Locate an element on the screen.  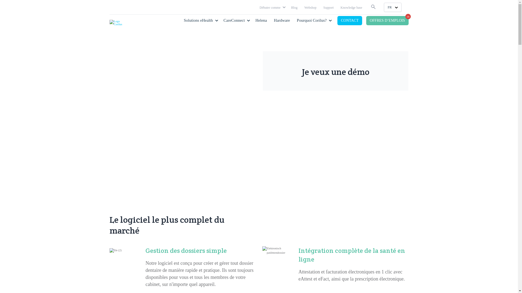
'Logo Corilus' is located at coordinates (118, 23).